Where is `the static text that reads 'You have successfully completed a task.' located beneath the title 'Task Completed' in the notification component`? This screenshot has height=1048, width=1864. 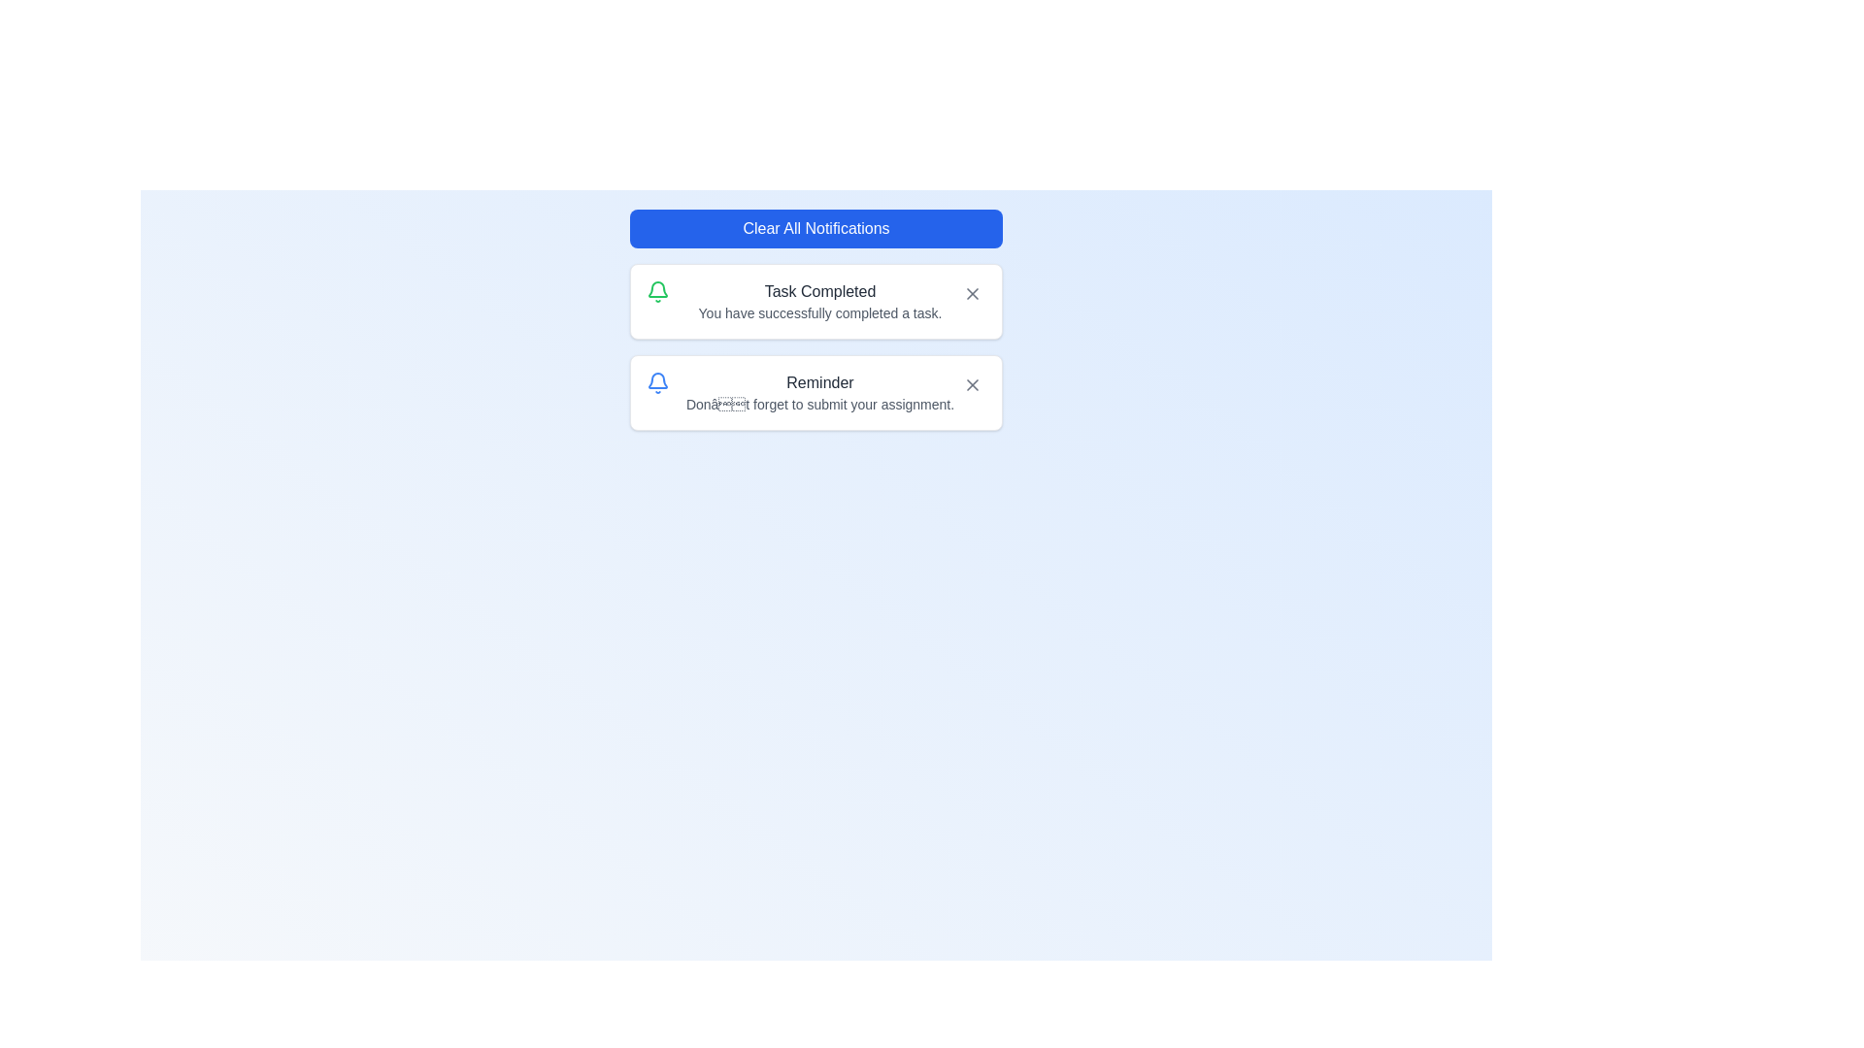
the static text that reads 'You have successfully completed a task.' located beneath the title 'Task Completed' in the notification component is located at coordinates (819, 312).